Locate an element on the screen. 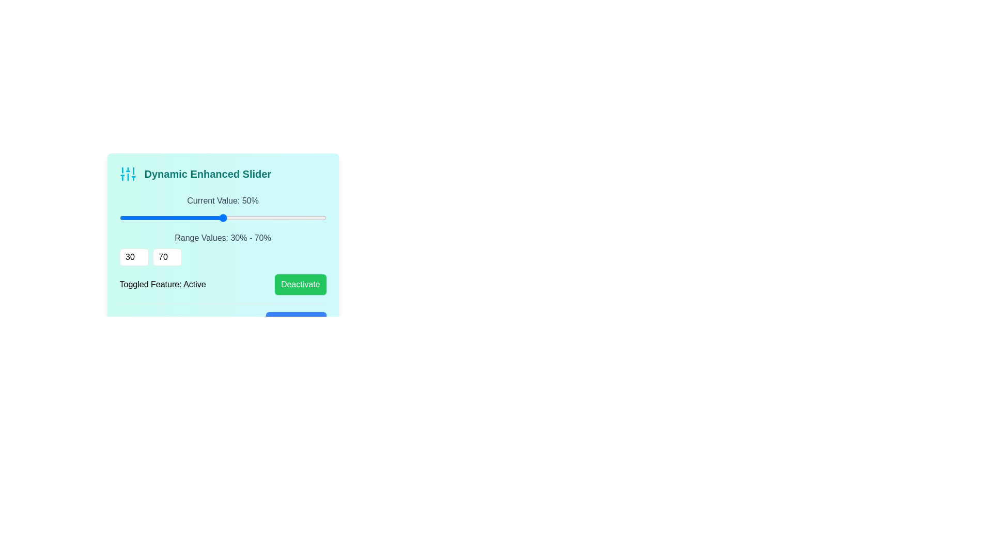  the text label that reads 'Current Value: 50%' which is prominently displayed in medium gray color against a light blue background, located near the top section of the interface above the slider bar is located at coordinates (222, 201).